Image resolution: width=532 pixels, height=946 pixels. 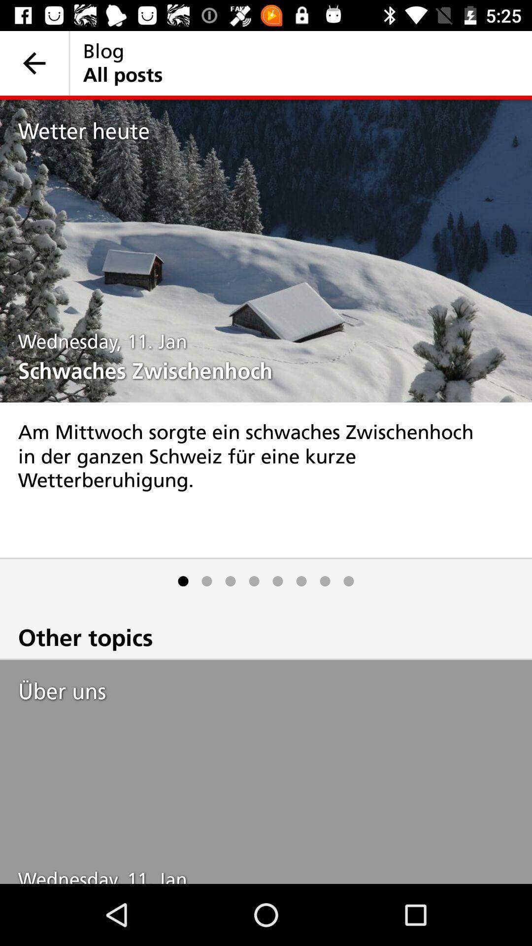 What do you see at coordinates (206, 581) in the screenshot?
I see `item below the am mittwoch sorgte icon` at bounding box center [206, 581].